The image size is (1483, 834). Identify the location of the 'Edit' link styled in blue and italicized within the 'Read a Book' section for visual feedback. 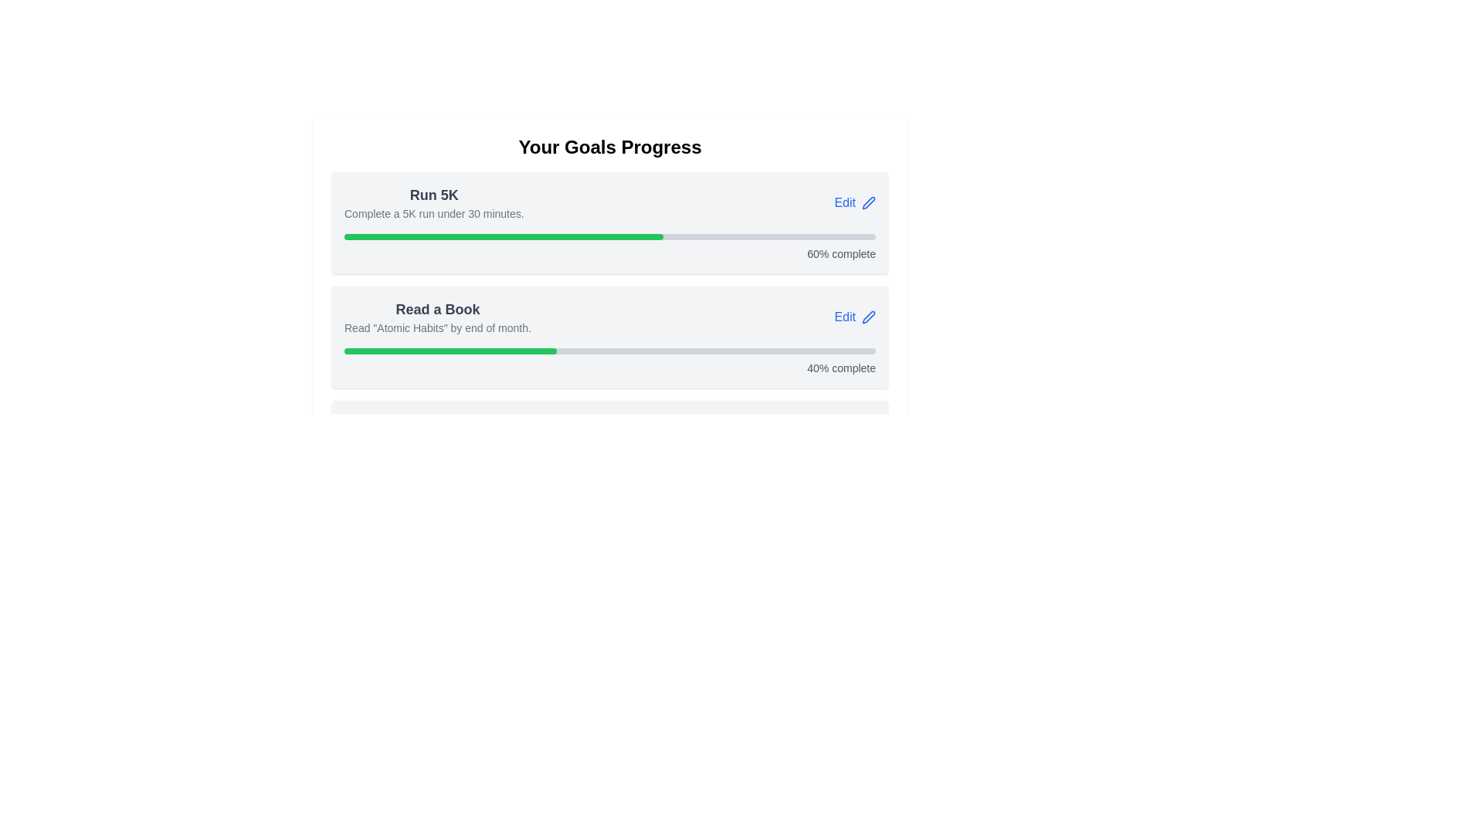
(609, 317).